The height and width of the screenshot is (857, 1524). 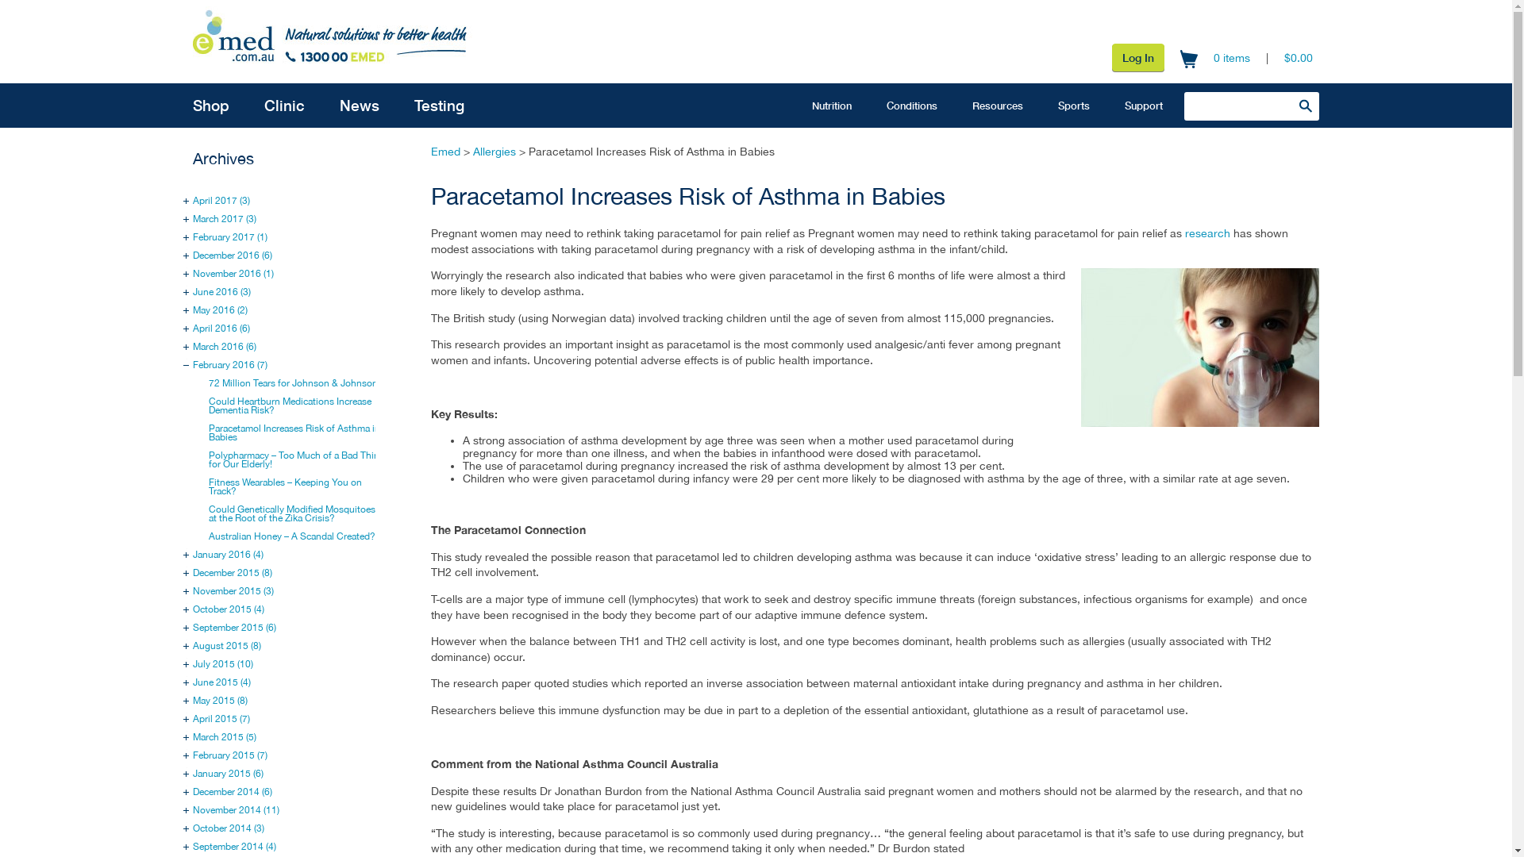 I want to click on 'News', so click(x=358, y=105).